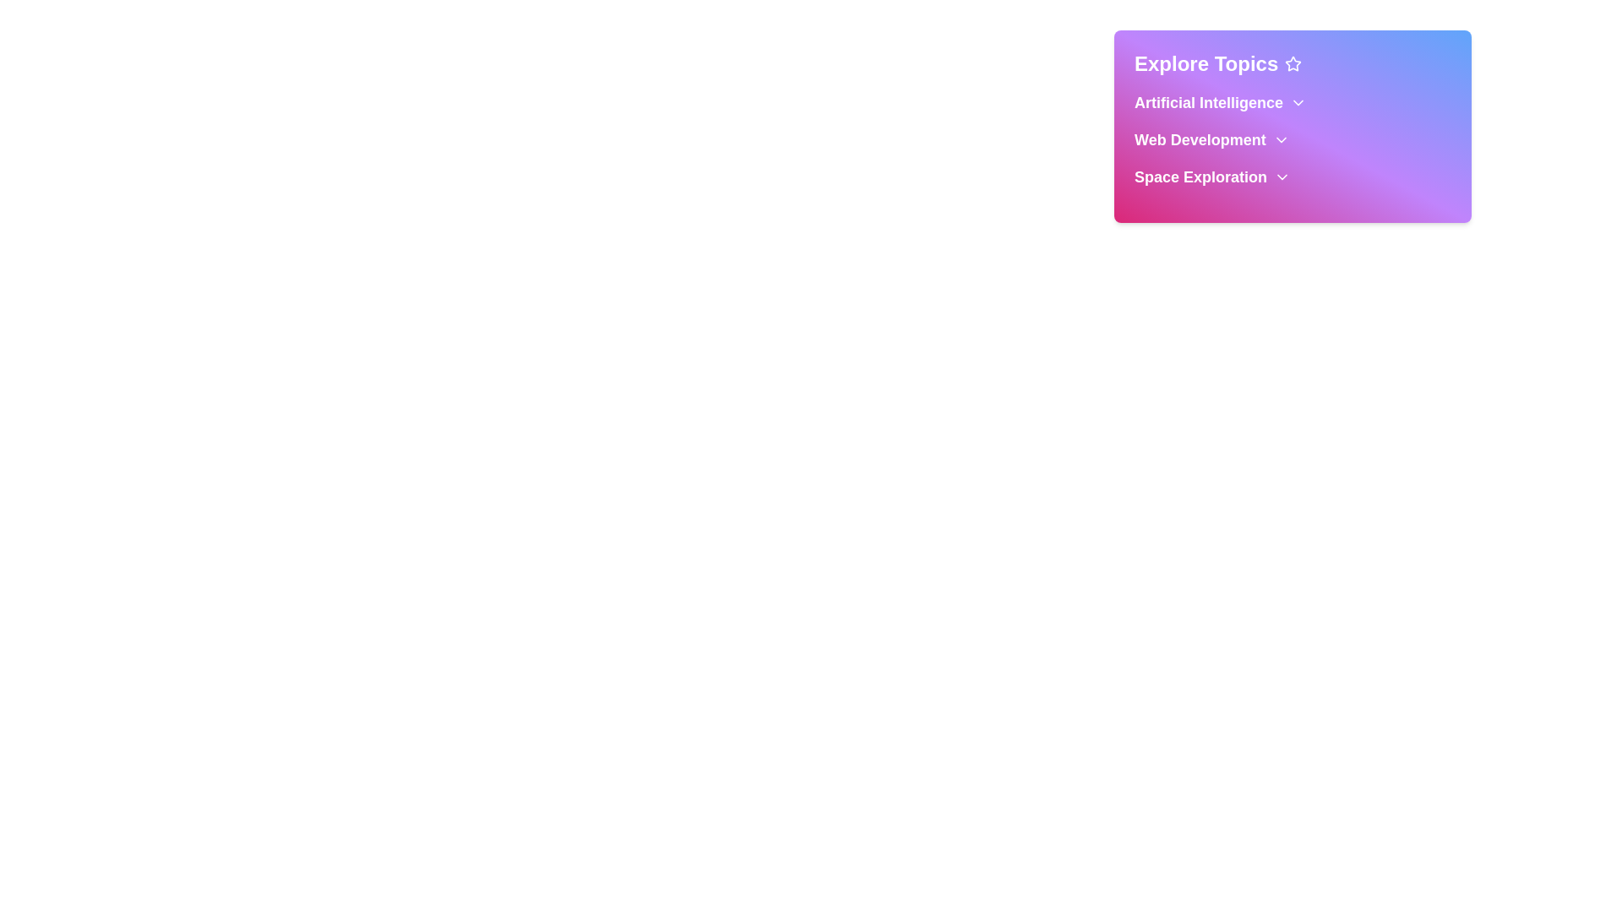  Describe the element at coordinates (1293, 62) in the screenshot. I see `star-shaped decorative icon with light purple gradient located in the purple header titled 'Explore Topics' at the top-right corner of the interface` at that location.